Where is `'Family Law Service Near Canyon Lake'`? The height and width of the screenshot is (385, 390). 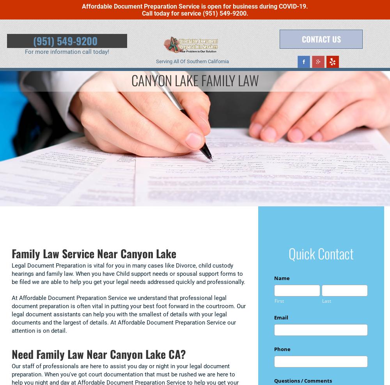 'Family Law Service Near Canyon Lake' is located at coordinates (94, 253).